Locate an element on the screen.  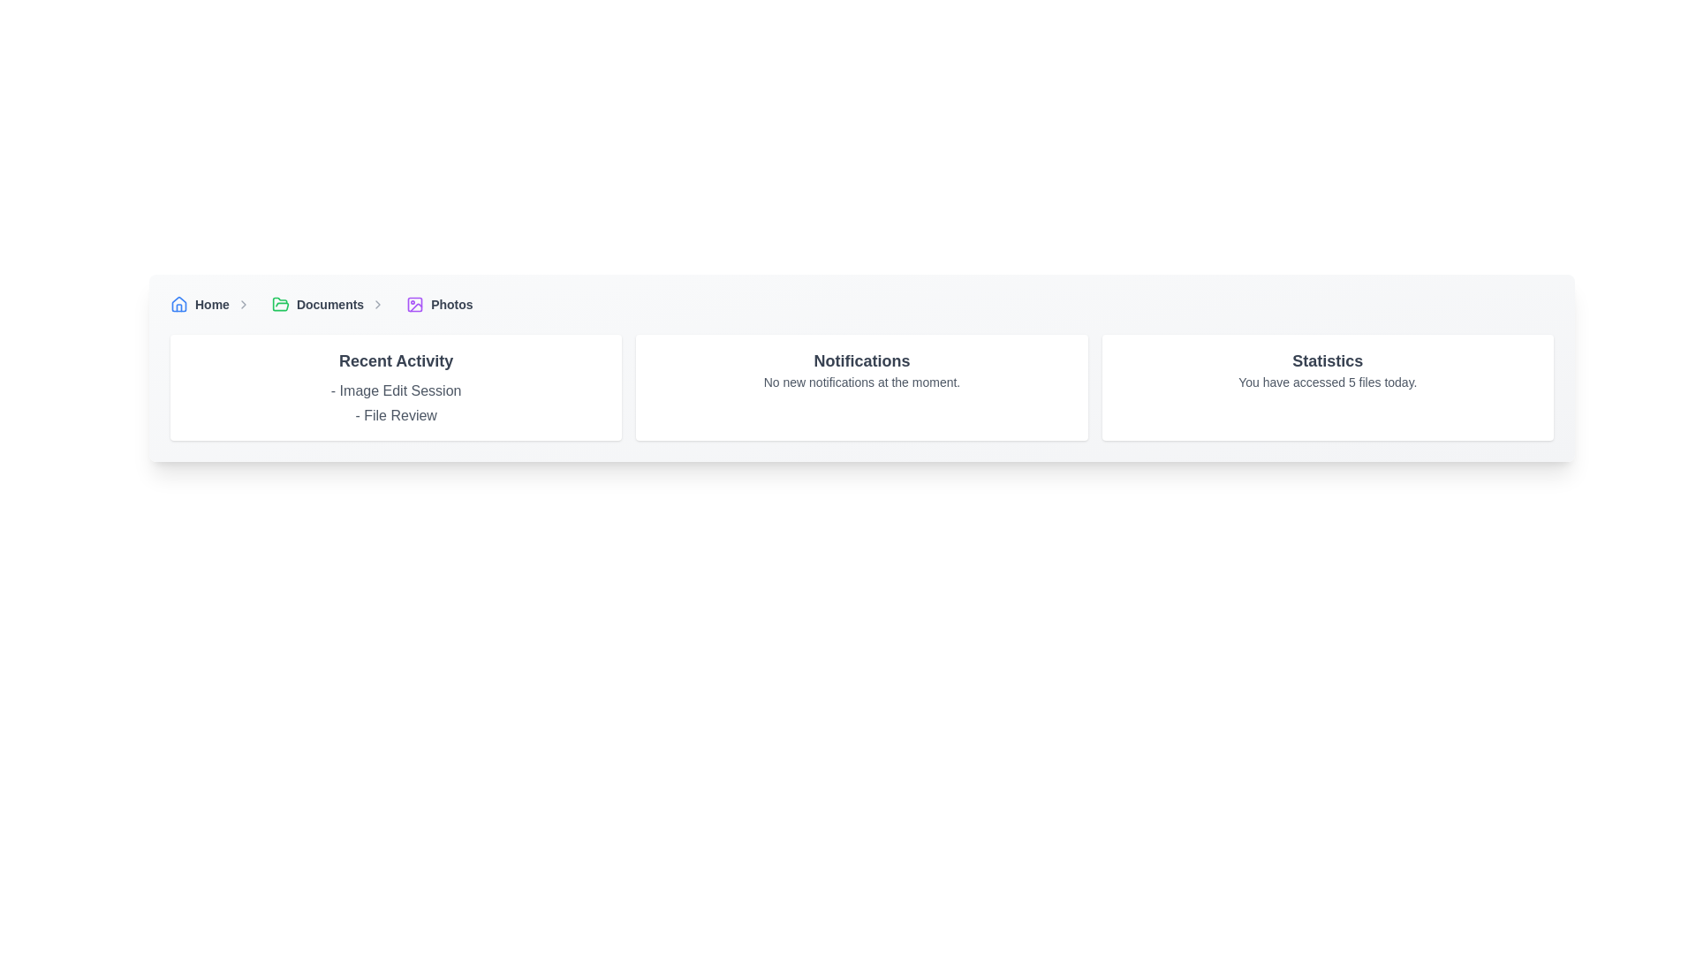
the open folder icon in the navigation breadcrumb interface, which represents the 'Documents' section is located at coordinates (279, 303).